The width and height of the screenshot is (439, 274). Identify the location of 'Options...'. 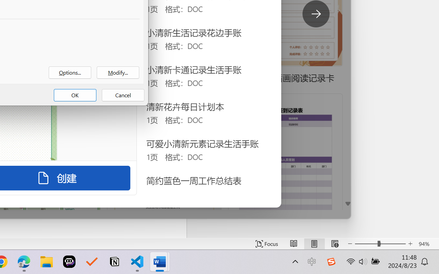
(70, 73).